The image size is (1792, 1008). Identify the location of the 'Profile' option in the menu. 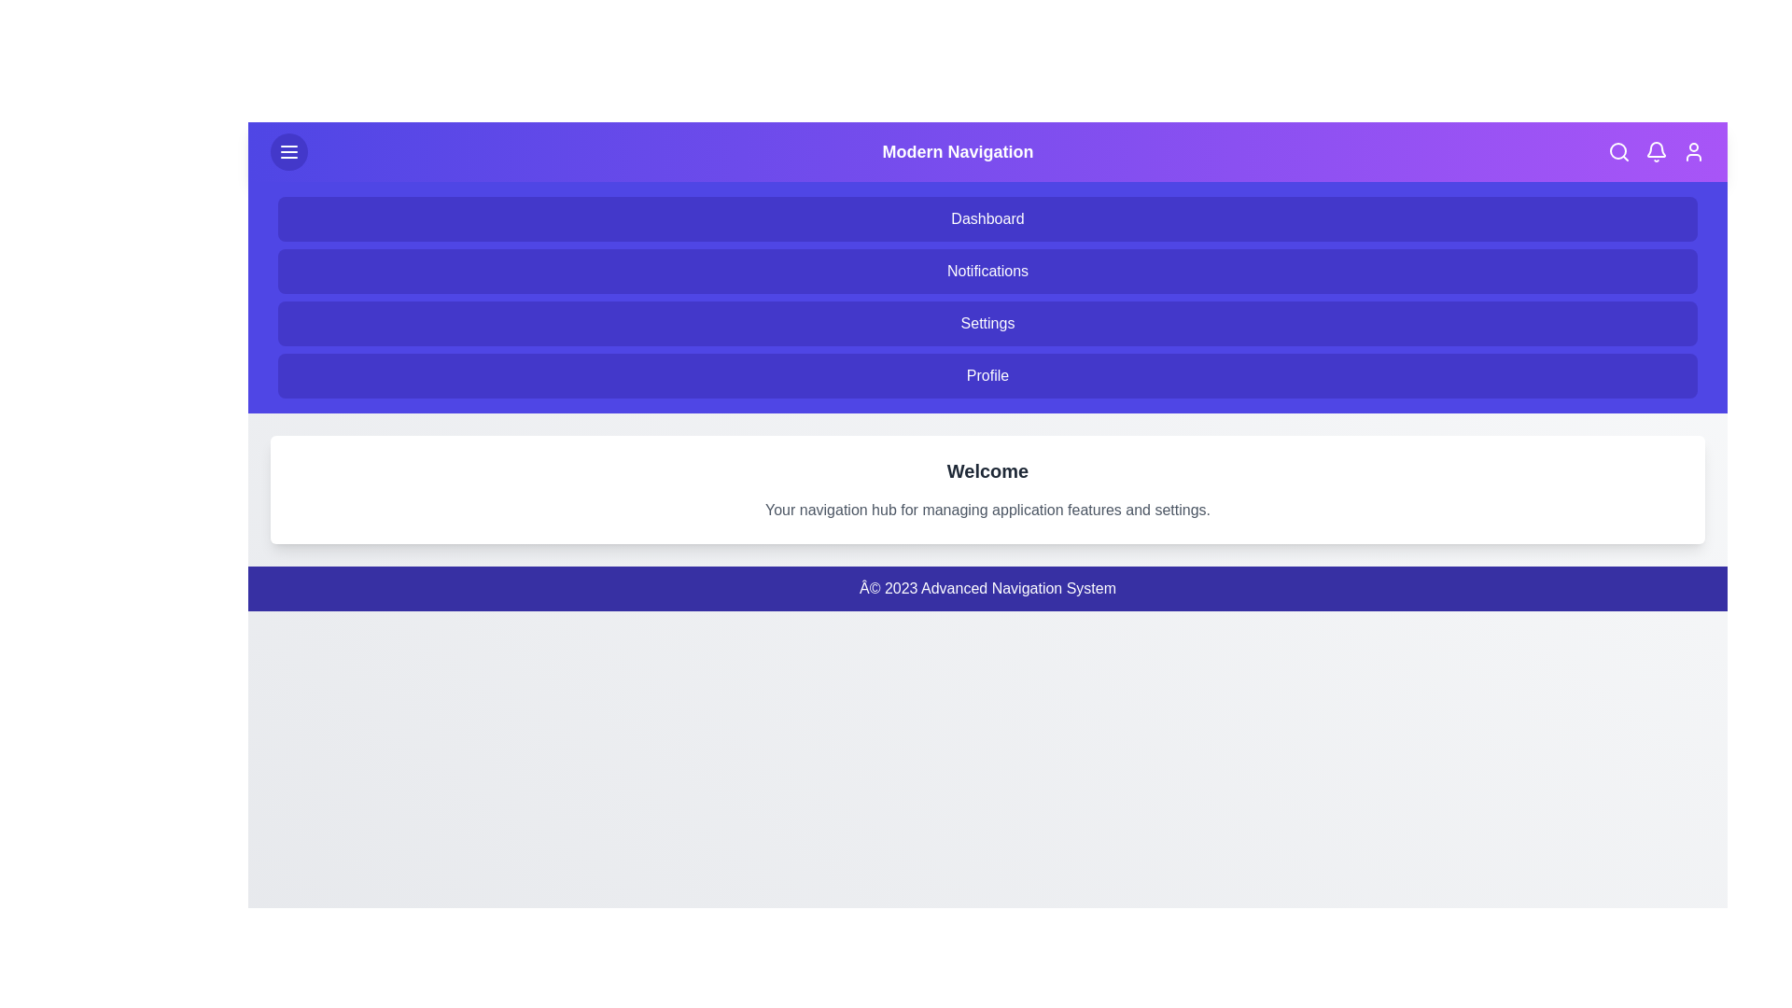
(987, 375).